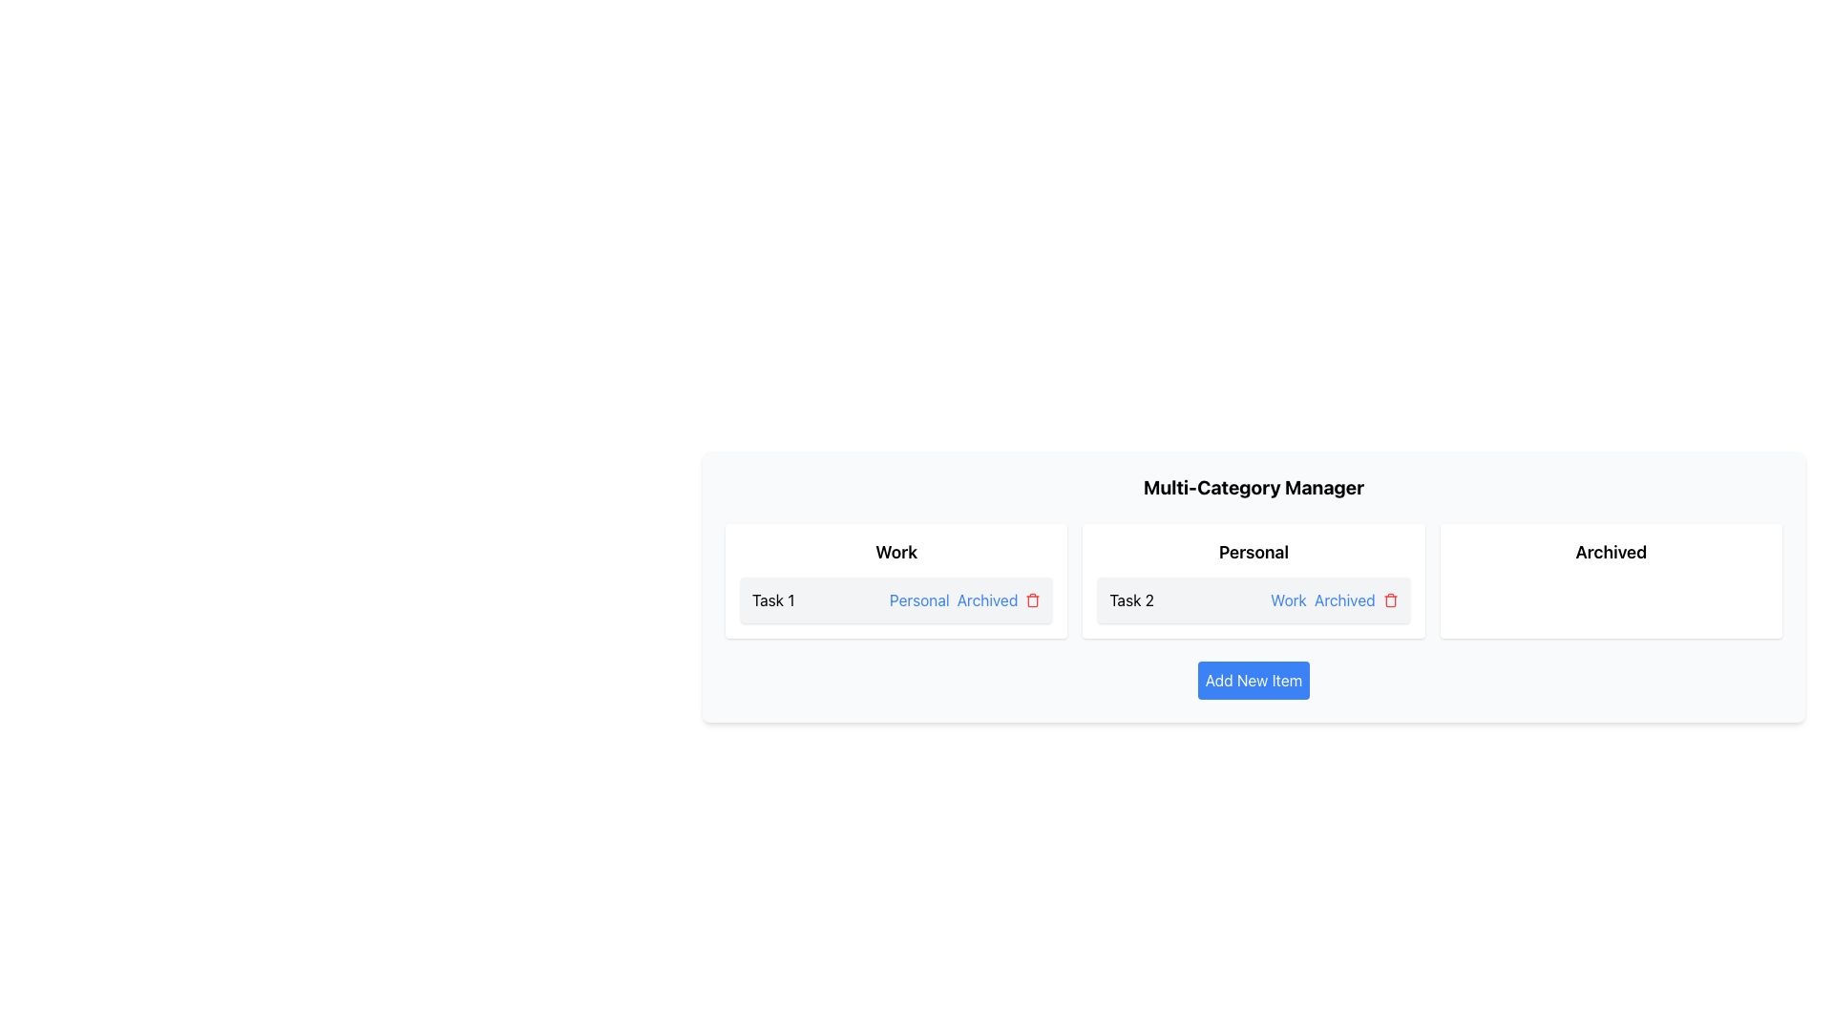 This screenshot has width=1833, height=1031. I want to click on the blue underlined hyperlink text 'Work', so click(1288, 599).